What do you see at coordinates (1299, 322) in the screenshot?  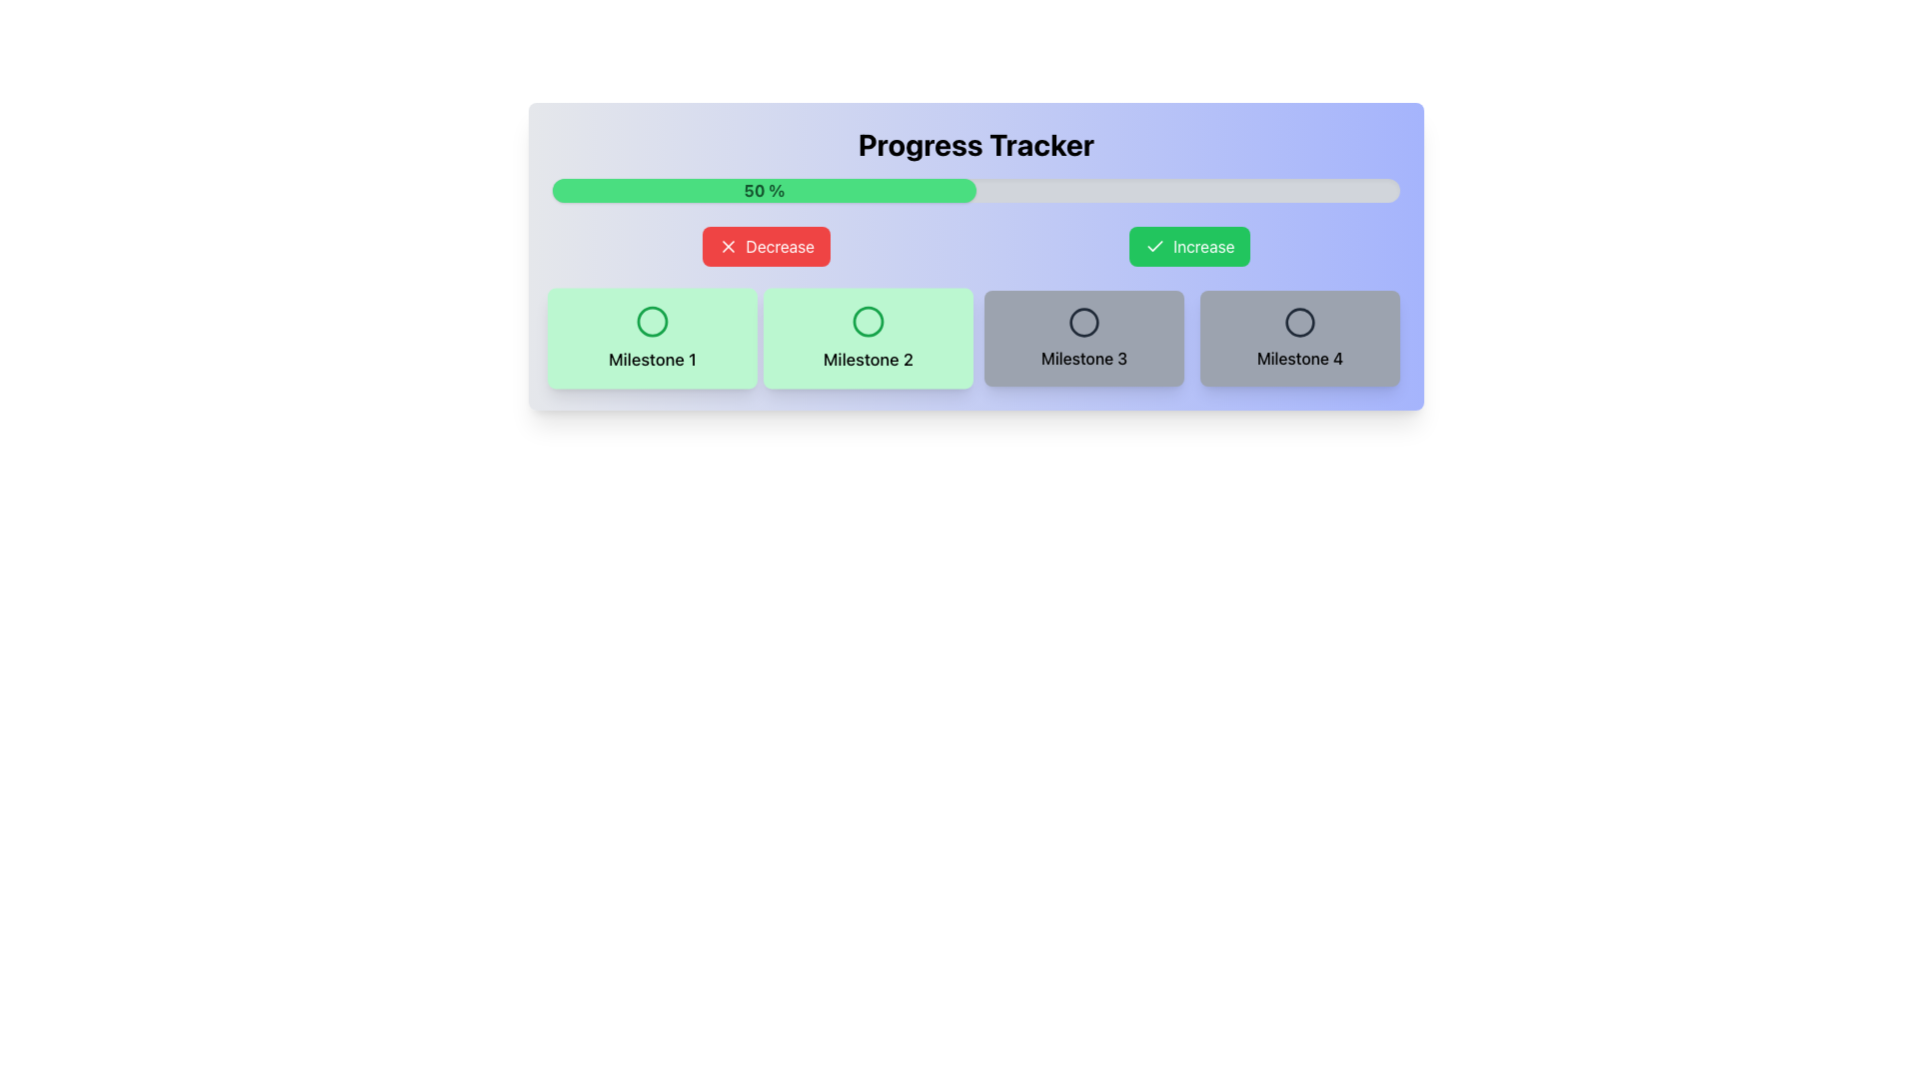 I see `the circular icon outlined in dark gray, located at the top center of the Milestone 4 card, which is the last milestone card in a row of four cards at the bottom of the interface` at bounding box center [1299, 322].